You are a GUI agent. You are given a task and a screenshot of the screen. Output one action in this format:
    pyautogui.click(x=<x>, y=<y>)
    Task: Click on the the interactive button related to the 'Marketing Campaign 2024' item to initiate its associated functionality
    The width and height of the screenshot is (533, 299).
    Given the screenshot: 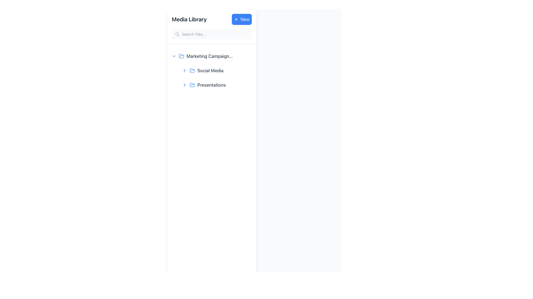 What is the action you would take?
    pyautogui.click(x=241, y=56)
    